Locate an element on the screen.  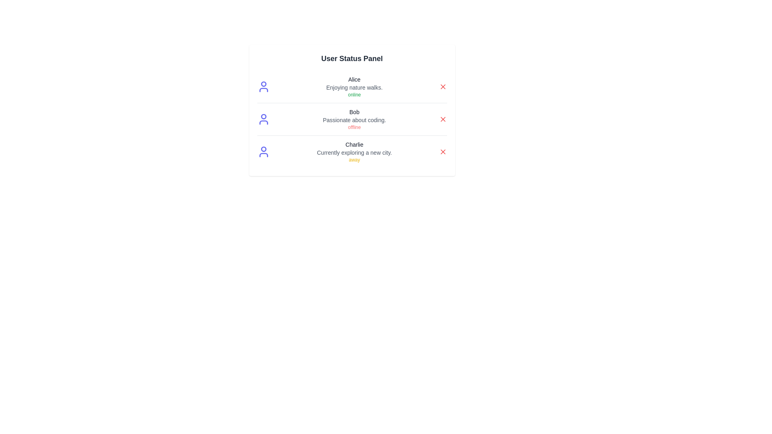
the static text displaying the user's name 'Bob' in the user status panel is located at coordinates (354, 112).